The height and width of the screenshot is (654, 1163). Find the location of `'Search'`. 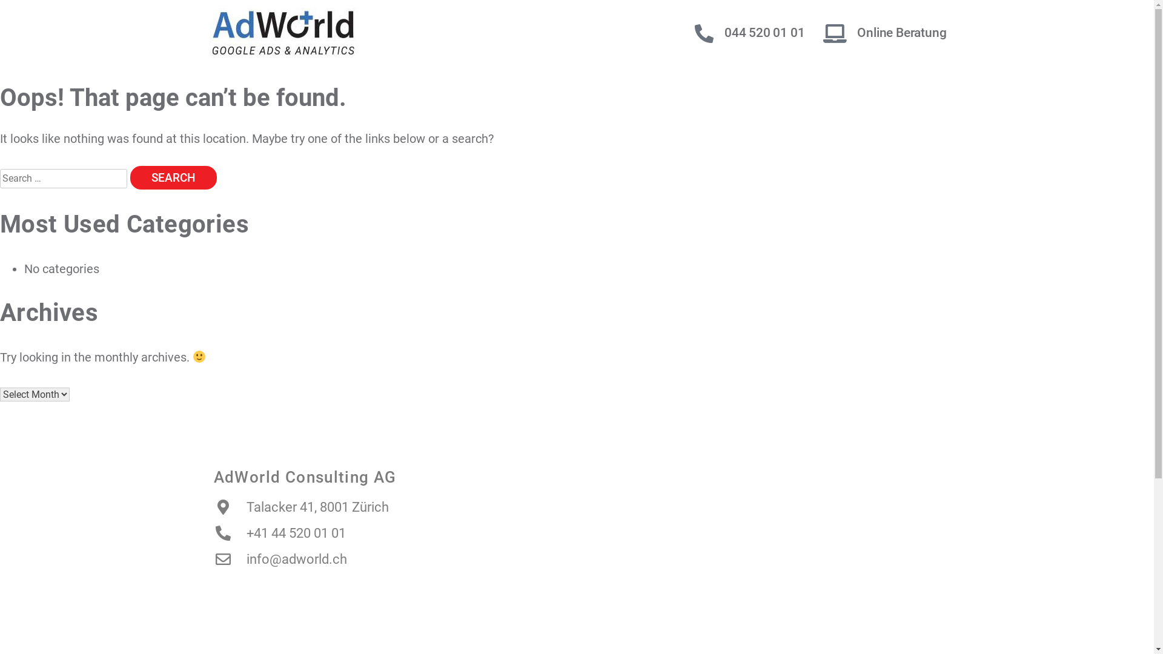

'Search' is located at coordinates (173, 177).